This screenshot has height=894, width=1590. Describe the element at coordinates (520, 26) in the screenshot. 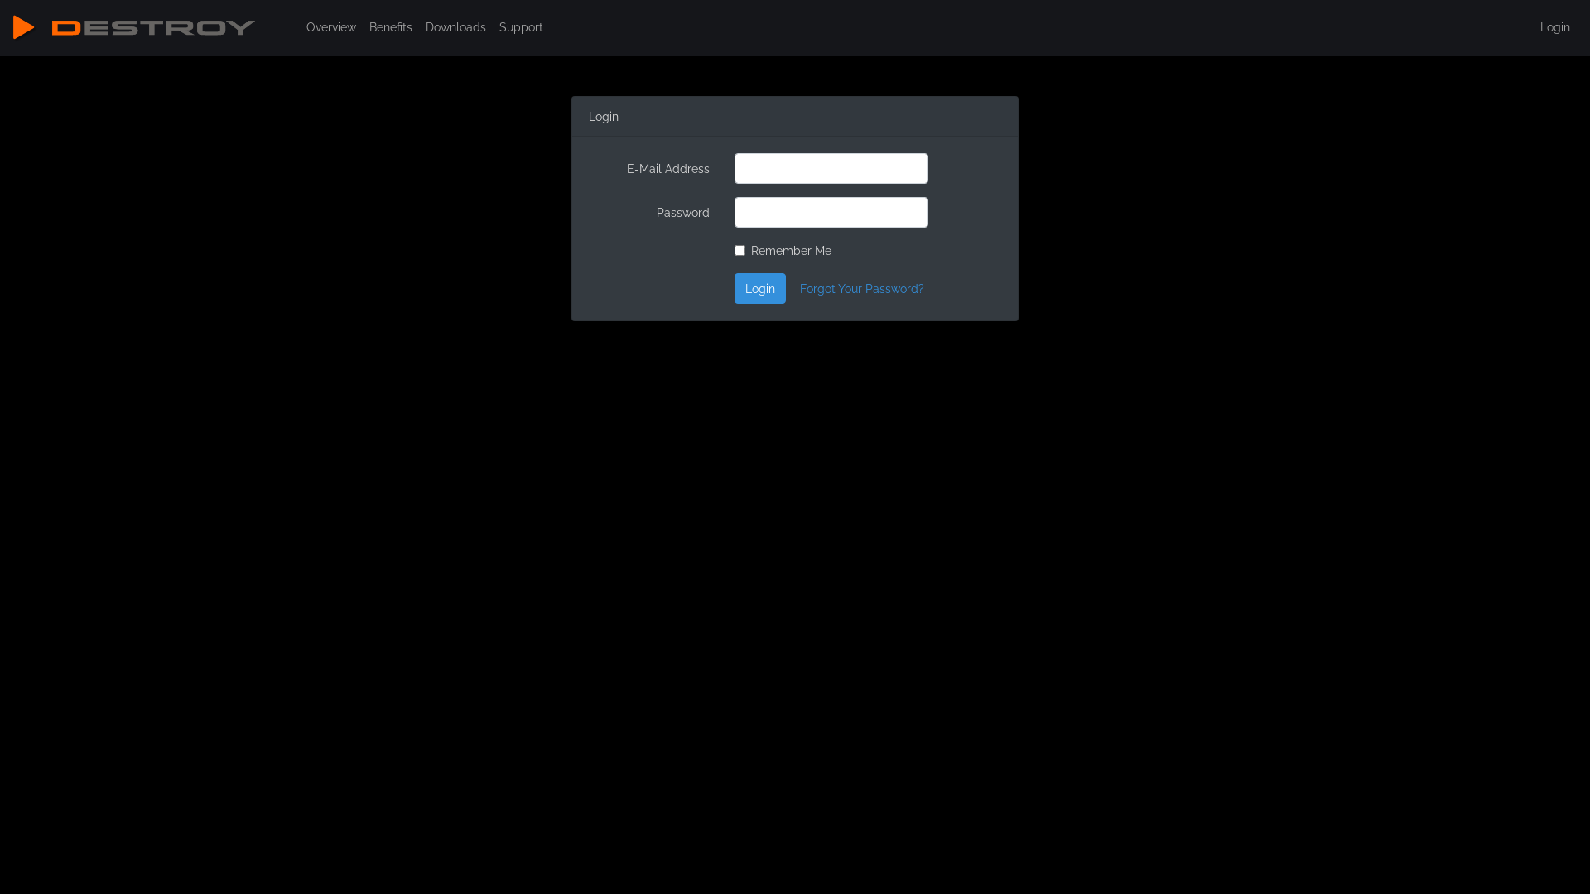

I see `'Support'` at that location.